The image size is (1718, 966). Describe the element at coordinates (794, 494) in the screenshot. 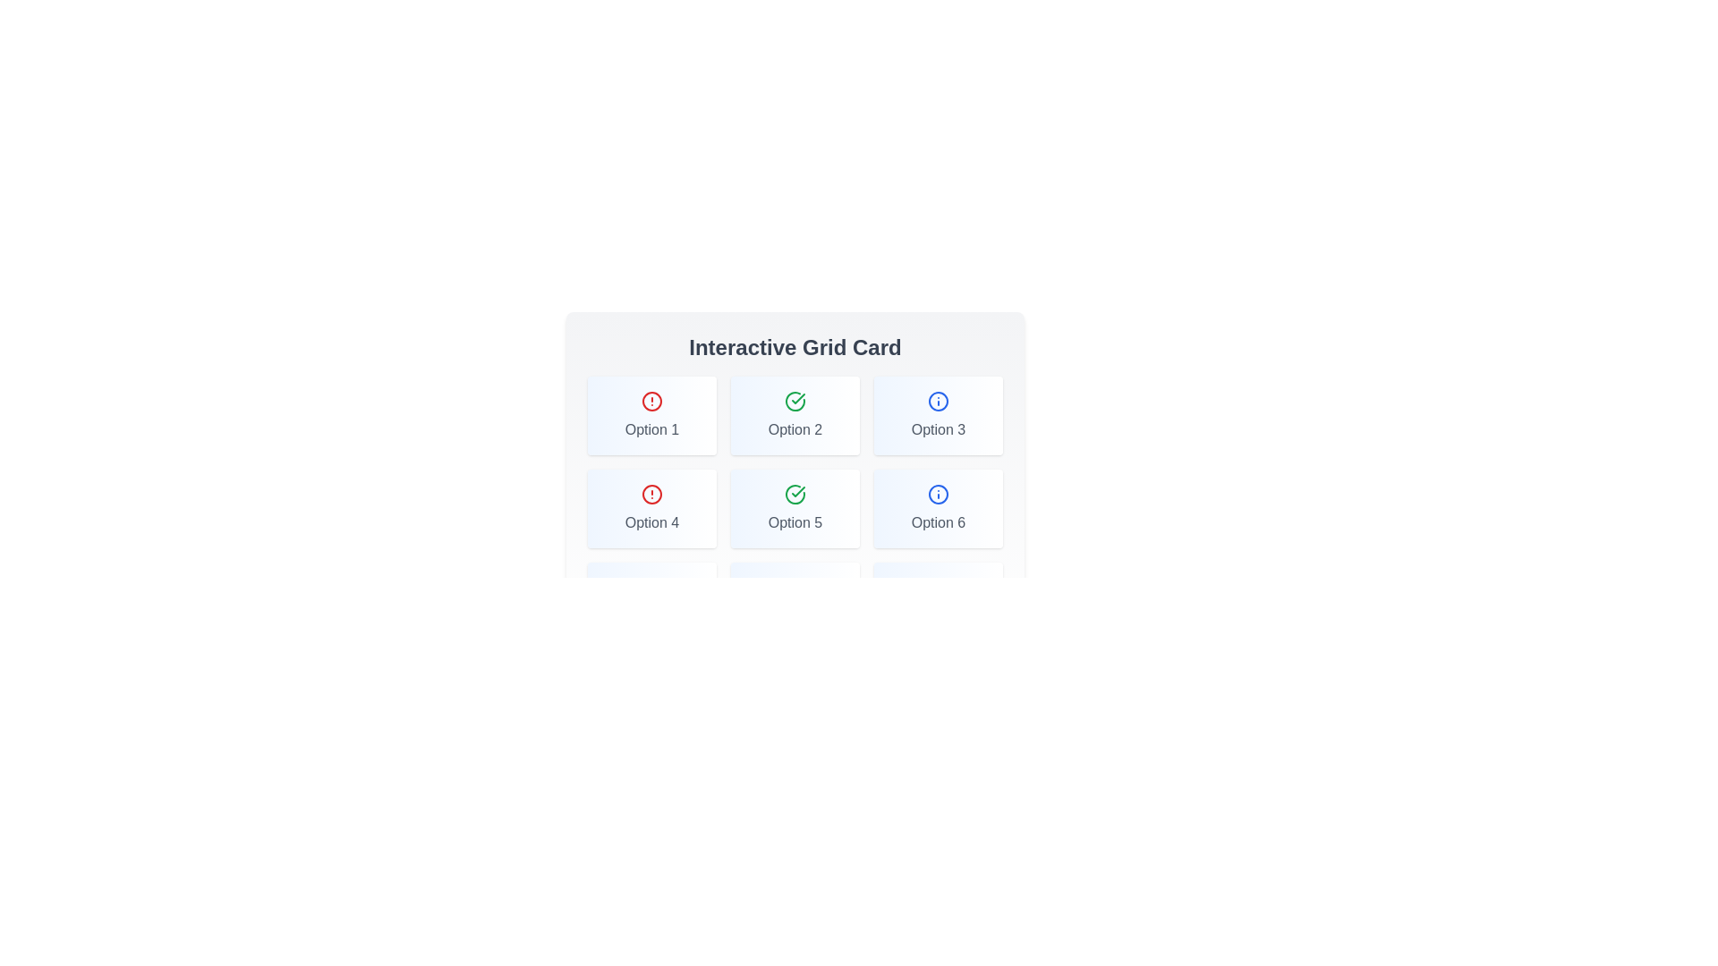

I see `the confirmation icon located in the middle column of the second row in the 3x2 grid layout, corresponding to 'Option 5'` at that location.